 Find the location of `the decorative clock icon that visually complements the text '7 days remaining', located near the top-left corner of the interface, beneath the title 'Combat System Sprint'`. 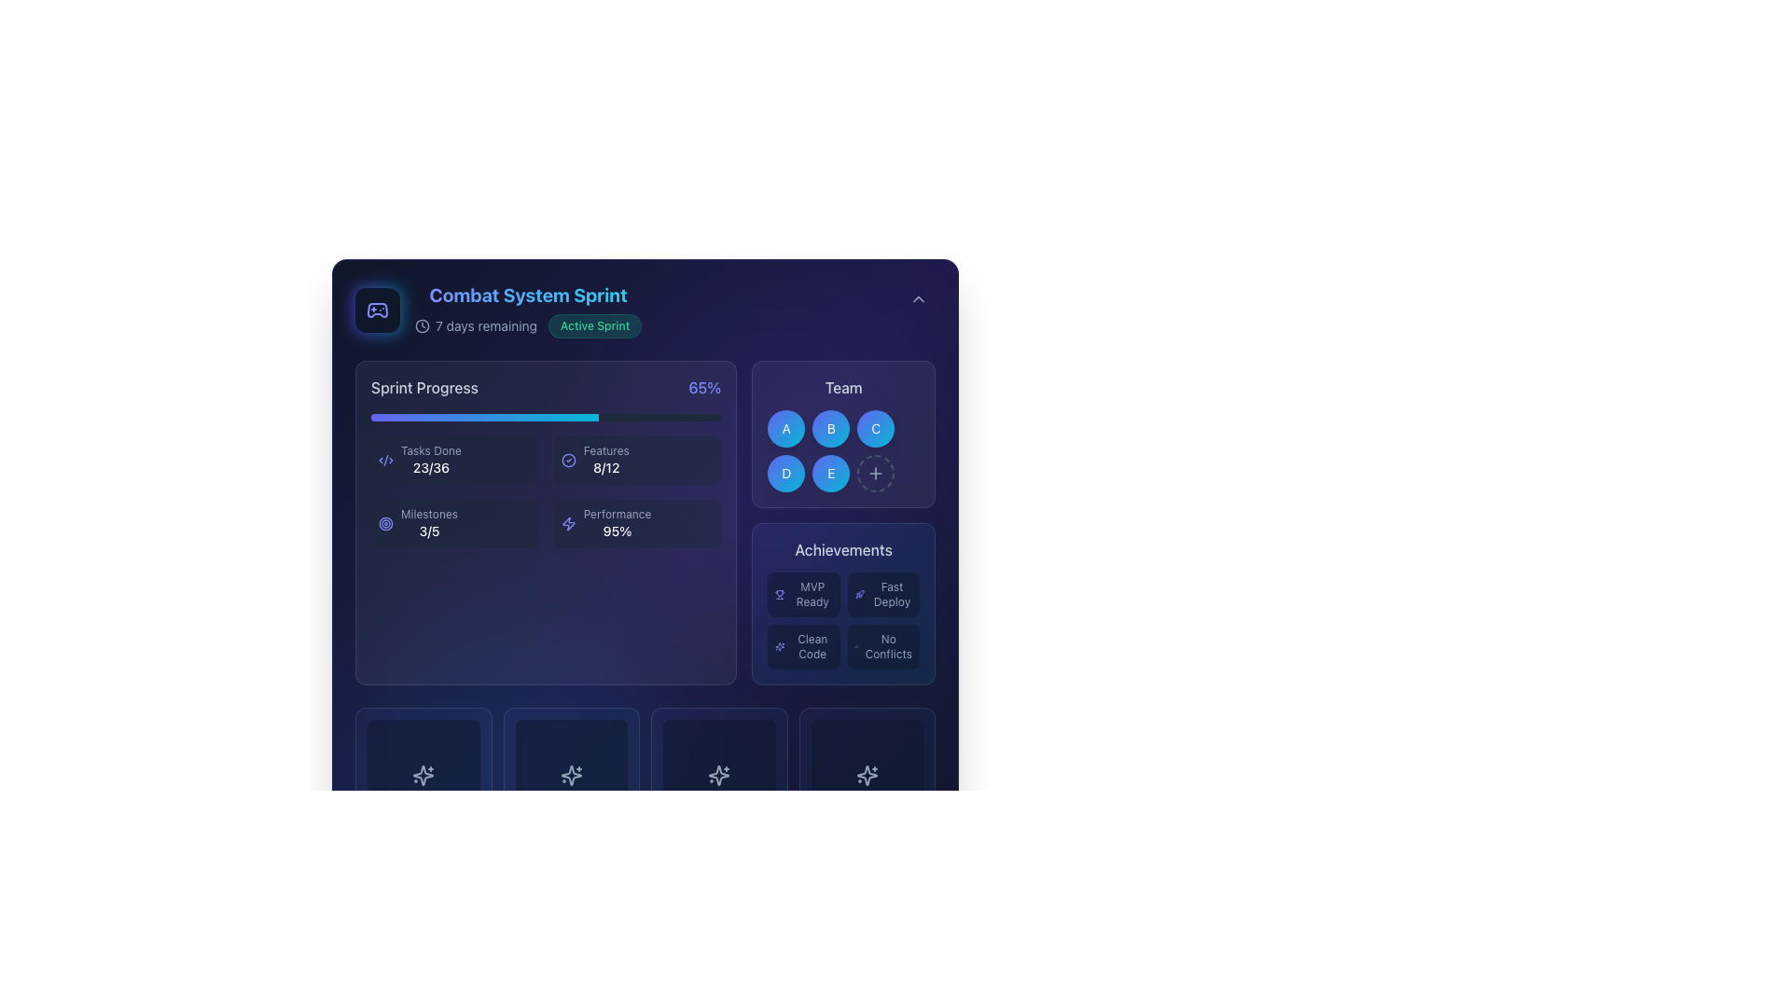

the decorative clock icon that visually complements the text '7 days remaining', located near the top-left corner of the interface, beneath the title 'Combat System Sprint' is located at coordinates (421, 325).